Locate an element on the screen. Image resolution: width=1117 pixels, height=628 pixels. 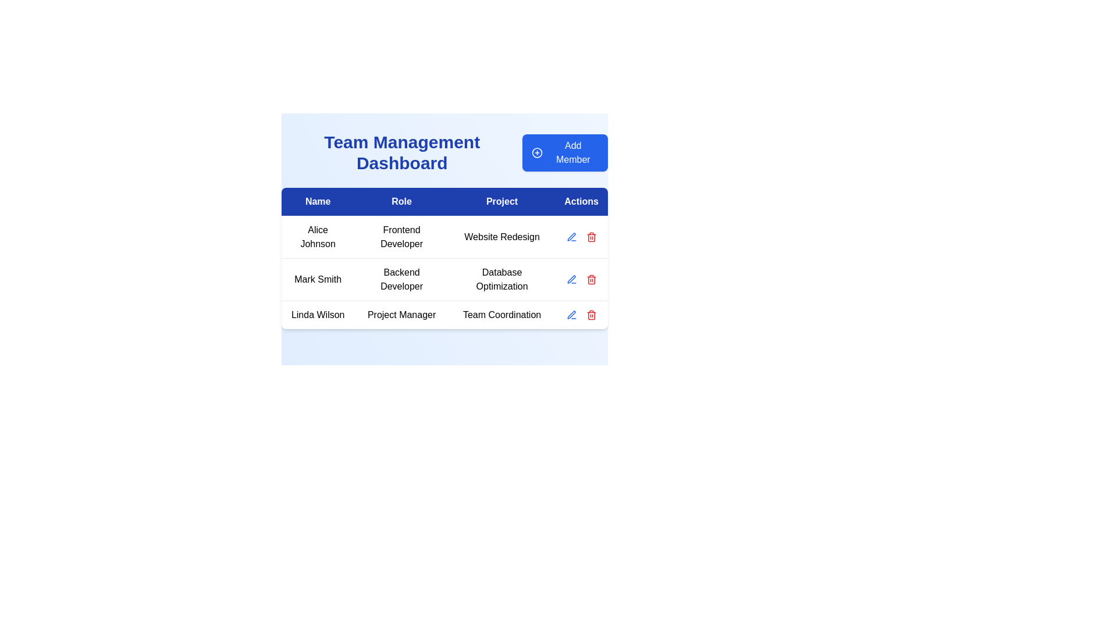
the text label element displaying 'Backend Developer' in the 'Role' column of the second row of the table is located at coordinates (401, 280).